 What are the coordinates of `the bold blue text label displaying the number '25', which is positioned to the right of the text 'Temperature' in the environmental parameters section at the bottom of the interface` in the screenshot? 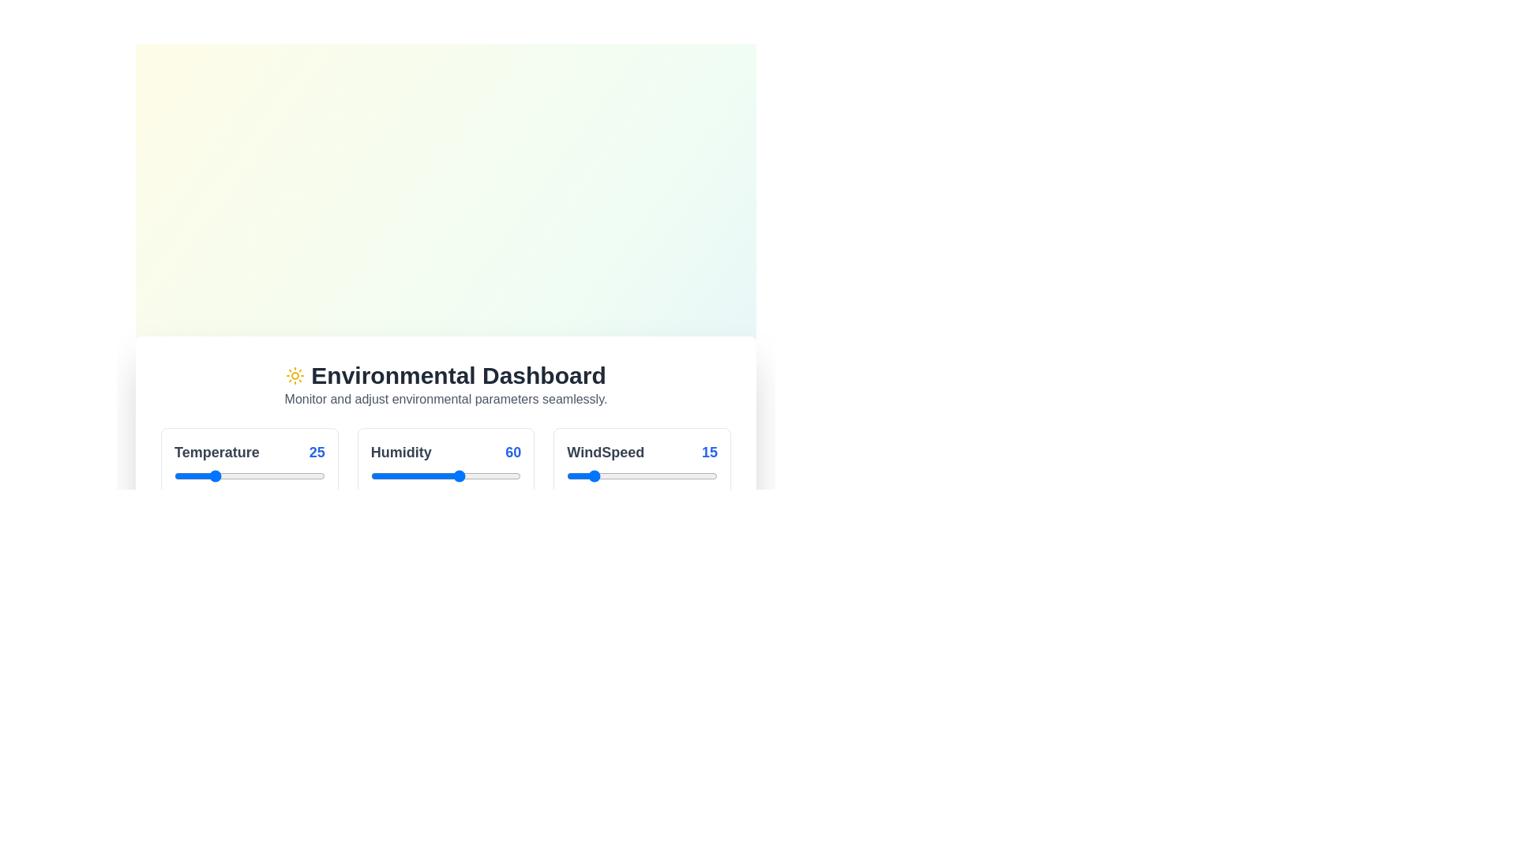 It's located at (316, 452).